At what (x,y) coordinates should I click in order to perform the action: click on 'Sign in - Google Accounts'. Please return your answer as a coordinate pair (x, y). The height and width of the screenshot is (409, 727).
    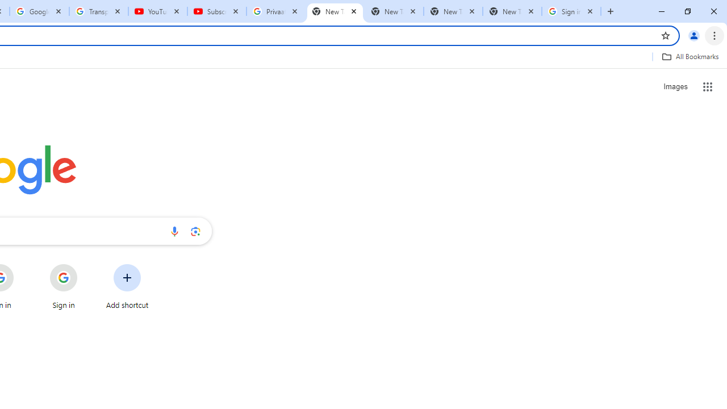
    Looking at the image, I should click on (571, 11).